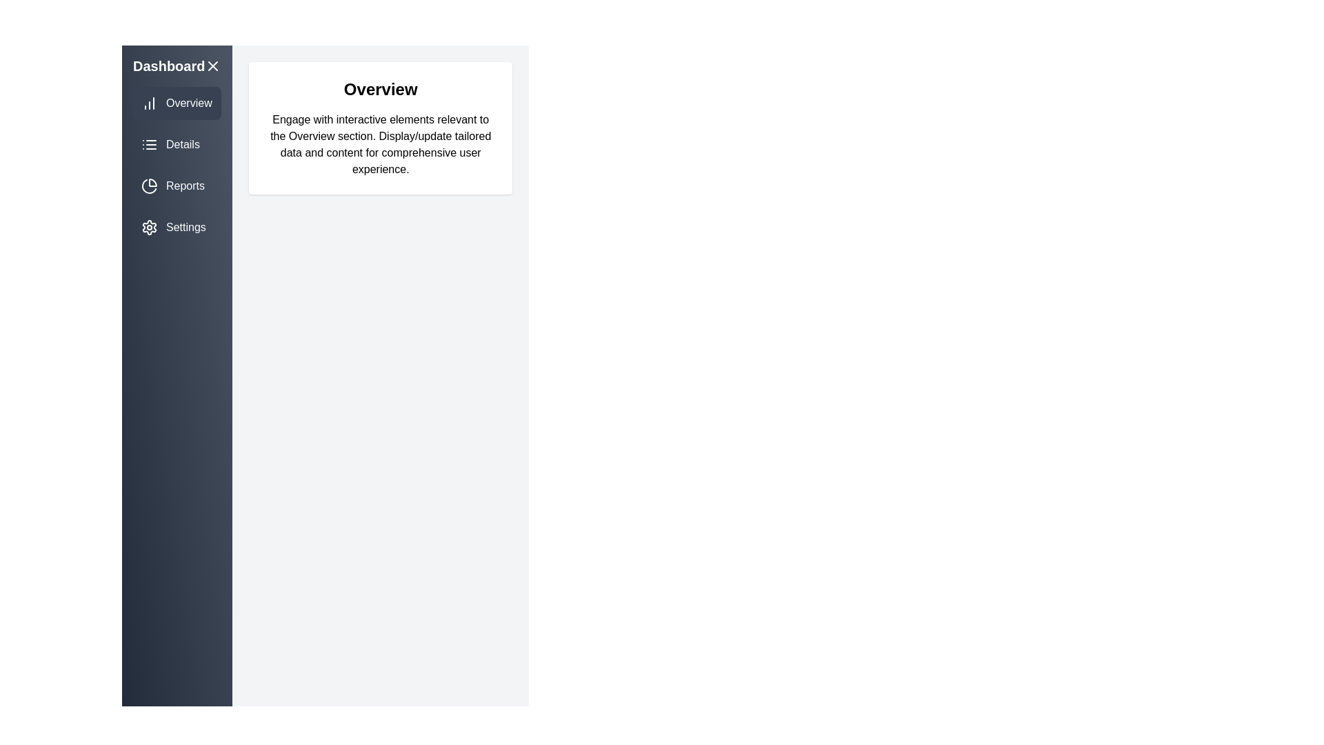 The height and width of the screenshot is (745, 1324). I want to click on the Details section in the sidebar menu, so click(177, 144).